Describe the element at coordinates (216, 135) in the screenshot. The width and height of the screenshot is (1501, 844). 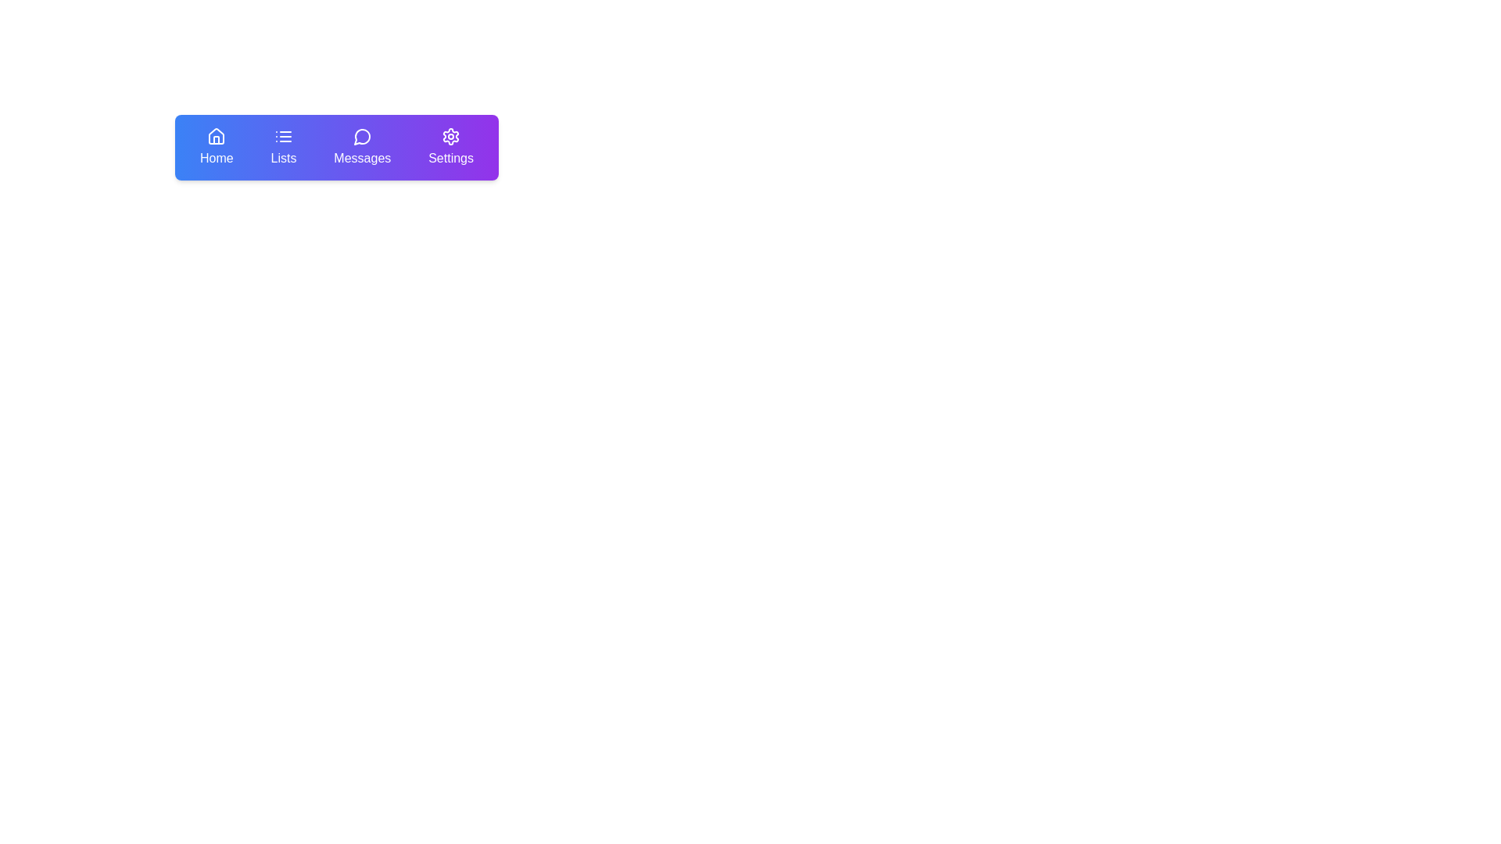
I see `the house-shaped icon` at that location.